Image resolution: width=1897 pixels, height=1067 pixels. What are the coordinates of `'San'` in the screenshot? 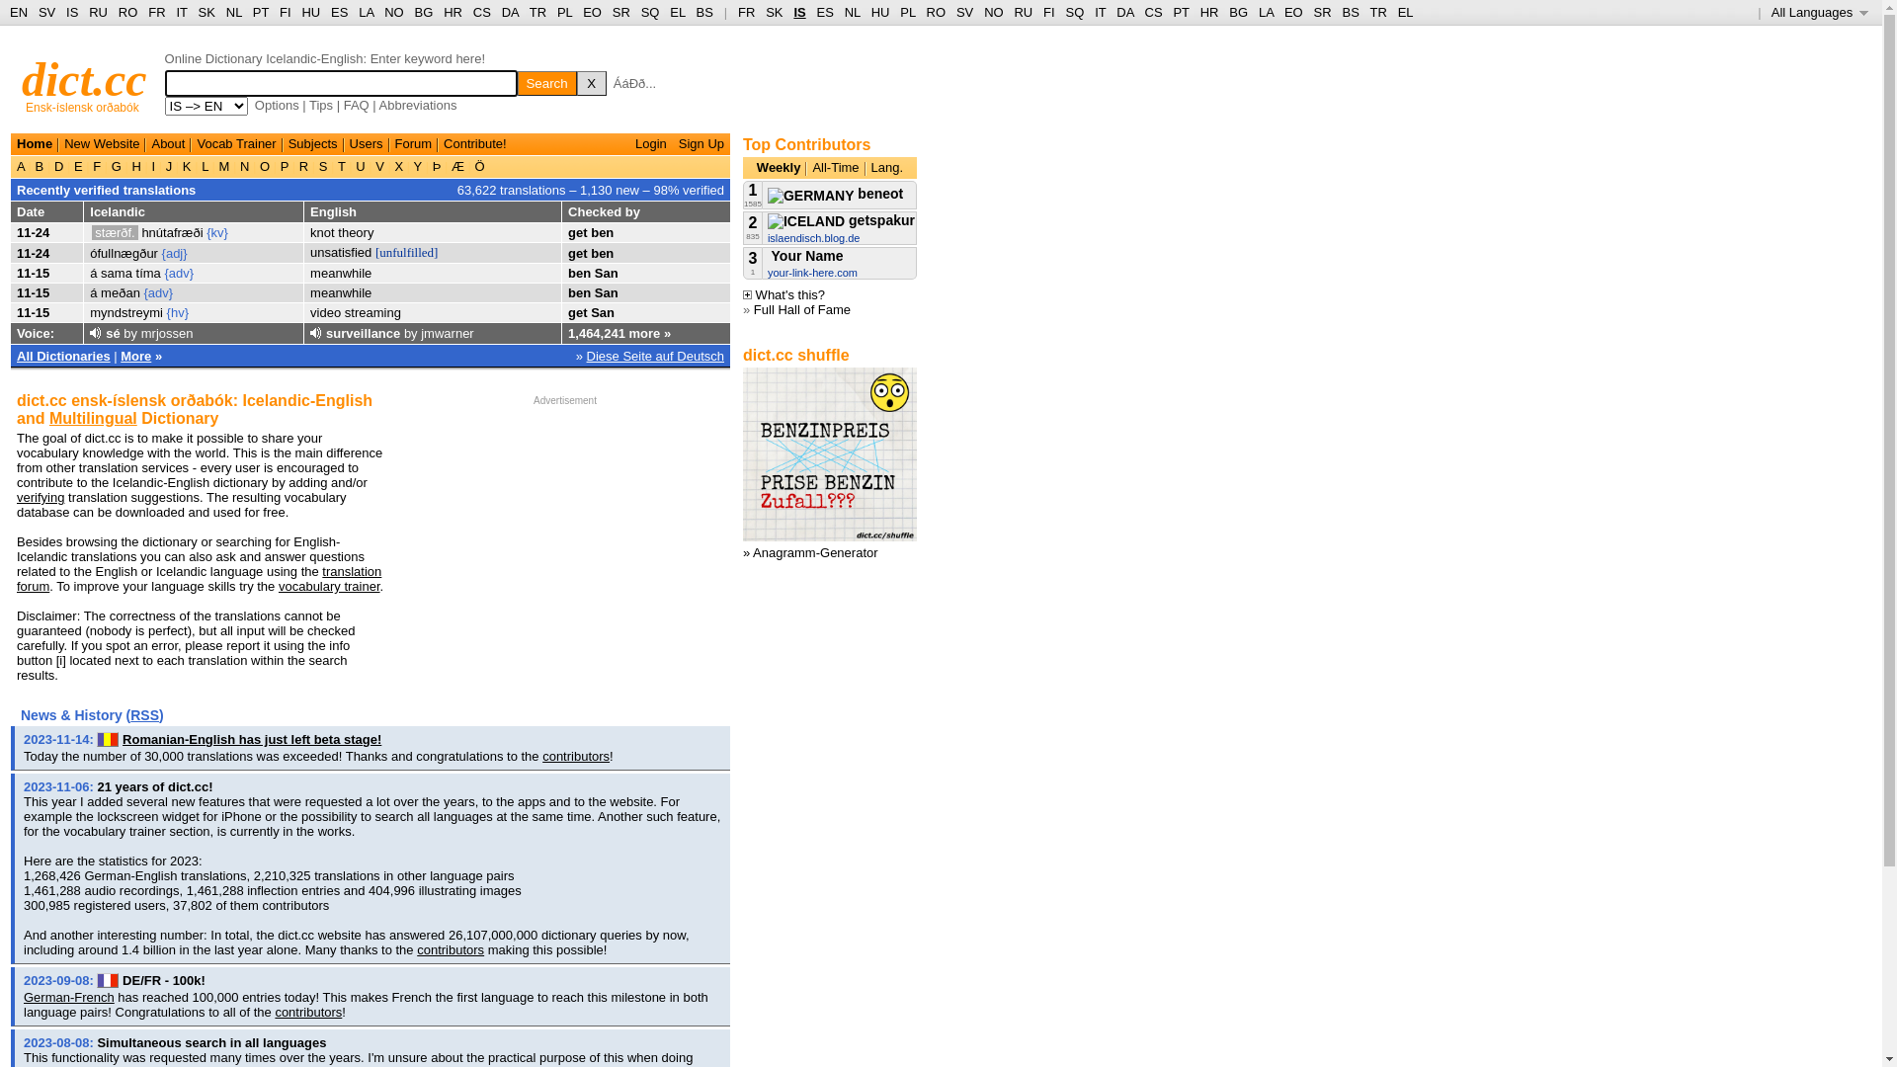 It's located at (601, 311).